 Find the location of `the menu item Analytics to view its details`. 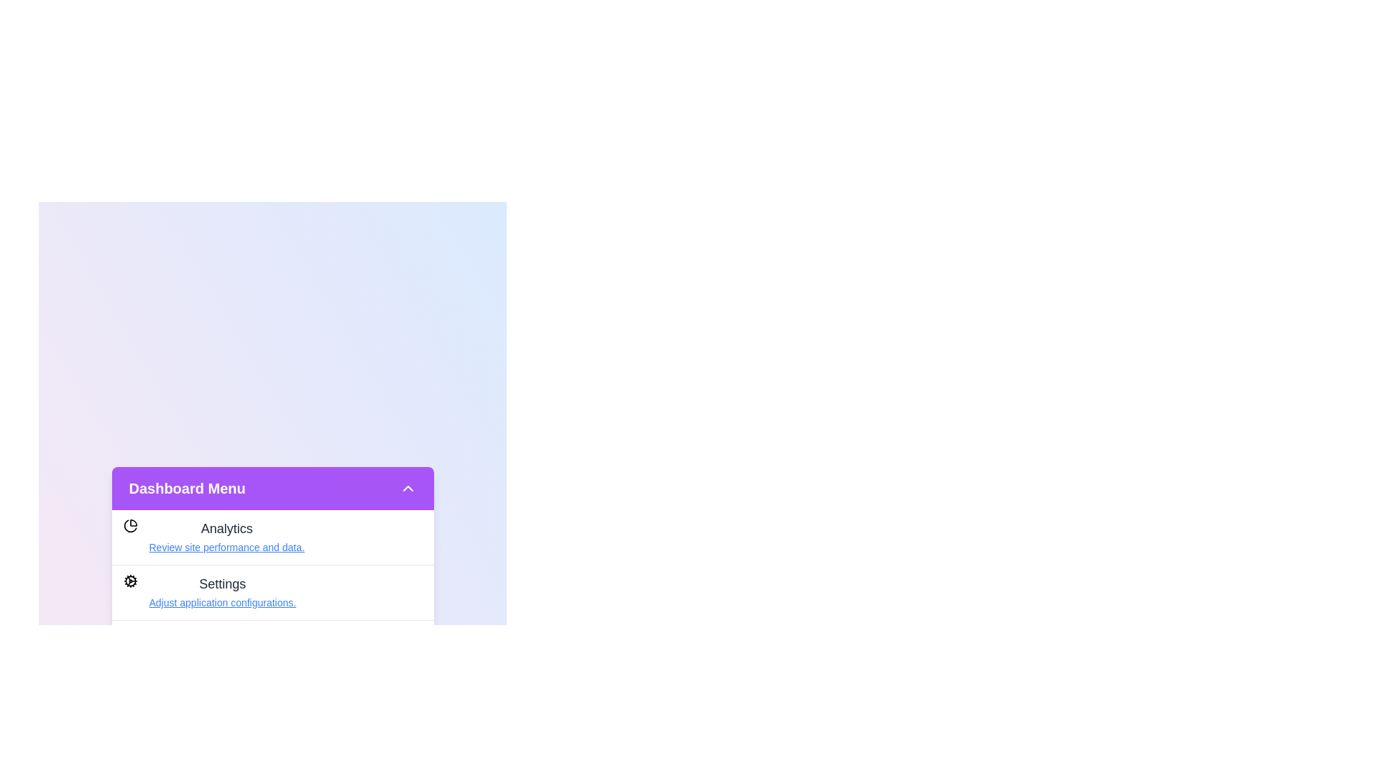

the menu item Analytics to view its details is located at coordinates (226, 548).